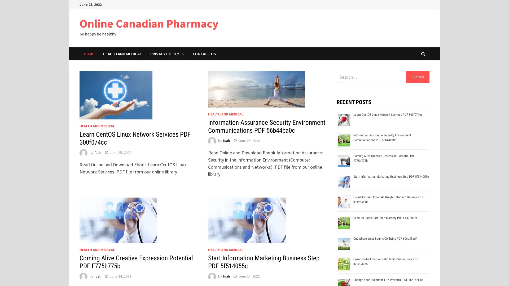 The image size is (509, 286). I want to click on Search, so click(417, 77).